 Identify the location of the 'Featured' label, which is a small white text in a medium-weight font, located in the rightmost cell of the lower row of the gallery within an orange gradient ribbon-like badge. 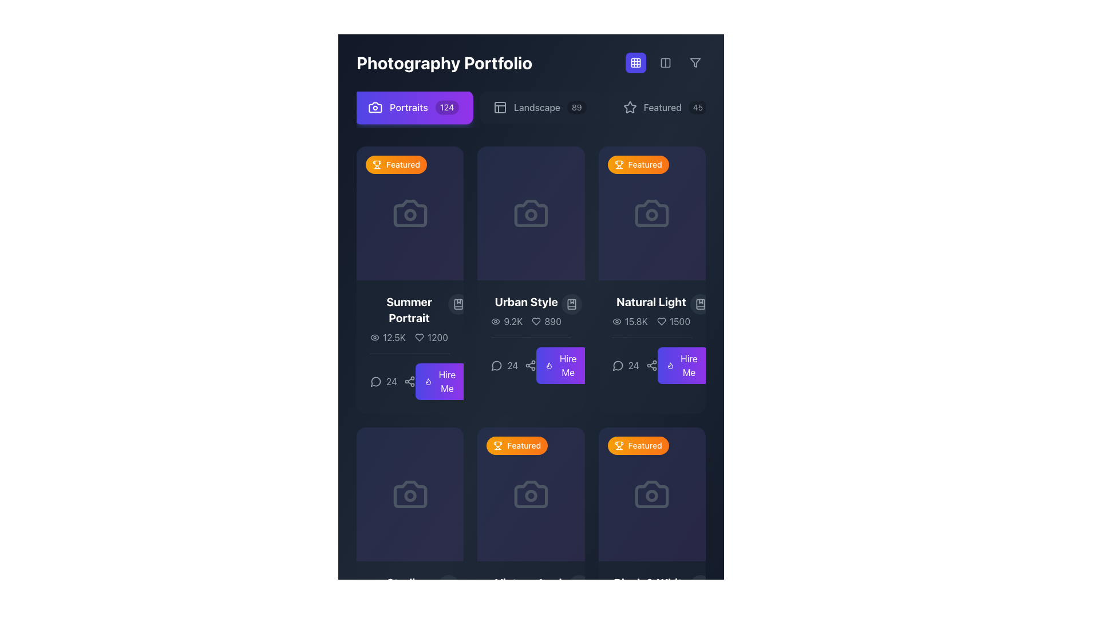
(645, 445).